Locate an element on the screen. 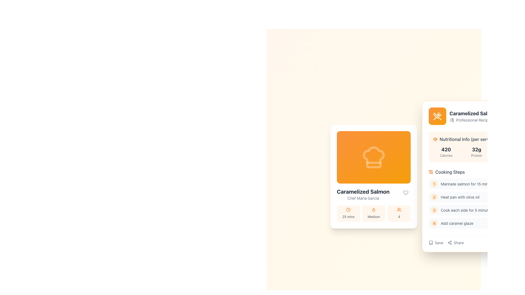  the Text Label located on the right side of the interface, adjacent to a cooking-related section is located at coordinates (510, 242).